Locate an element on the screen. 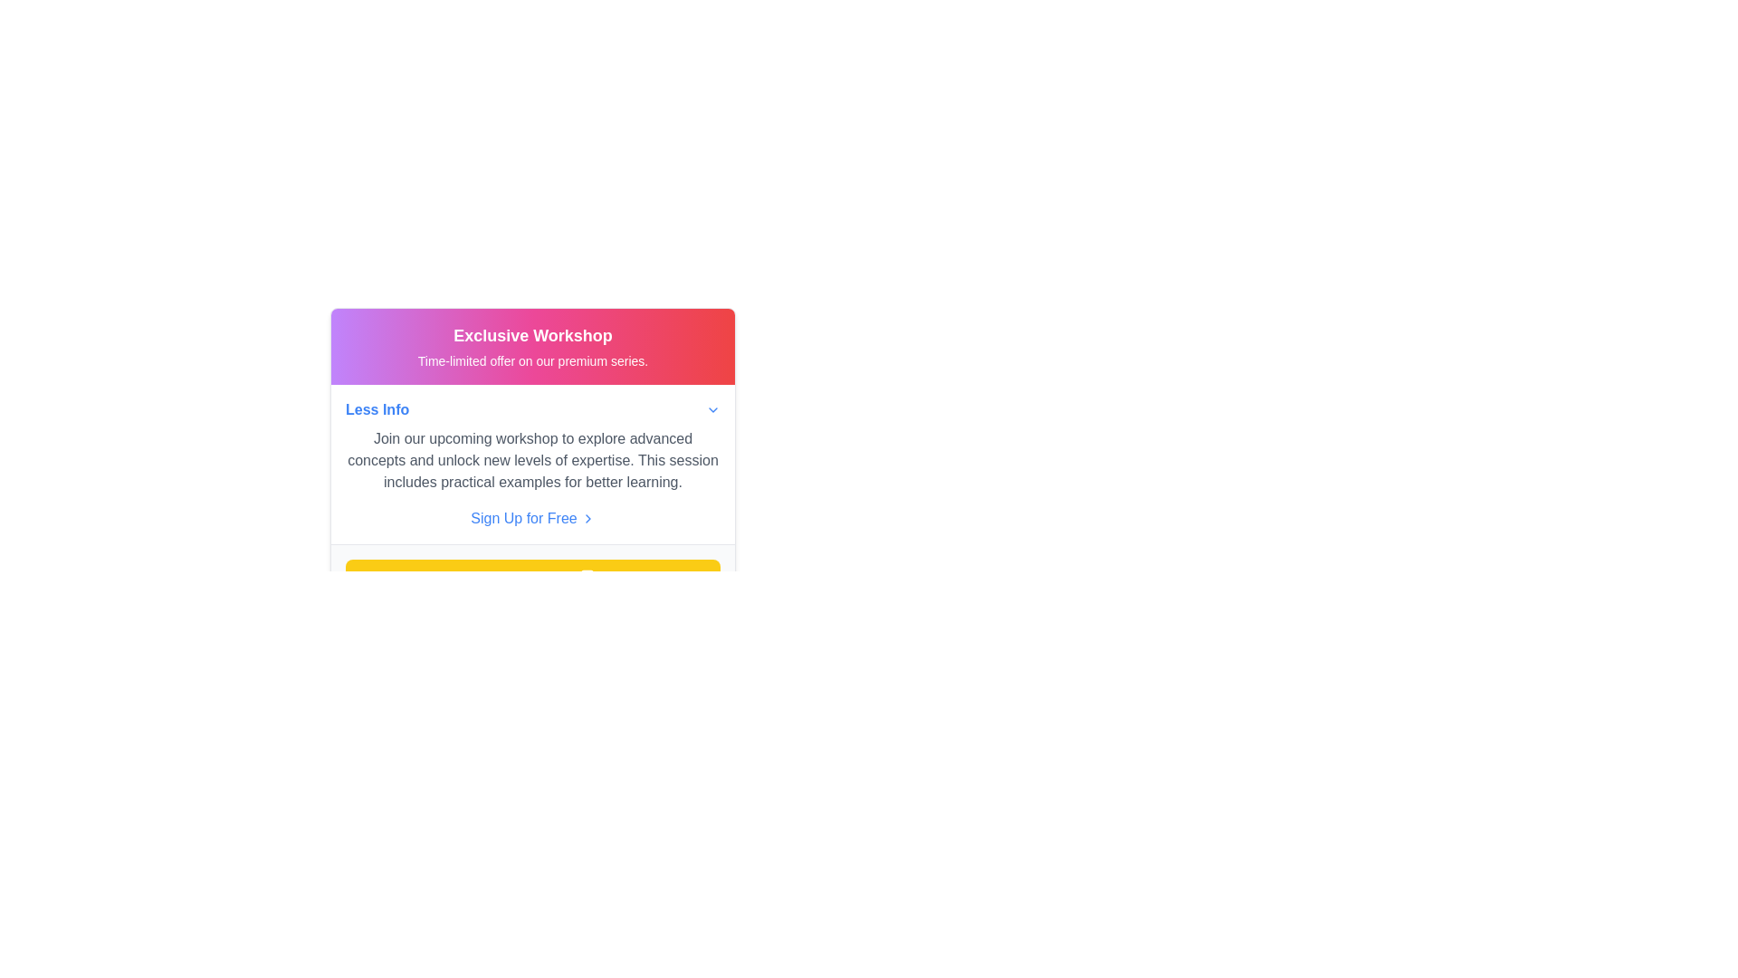 This screenshot has height=978, width=1738. the blue, underlined text reading 'Sign Up for Free' with a chevron icon is located at coordinates (532, 519).